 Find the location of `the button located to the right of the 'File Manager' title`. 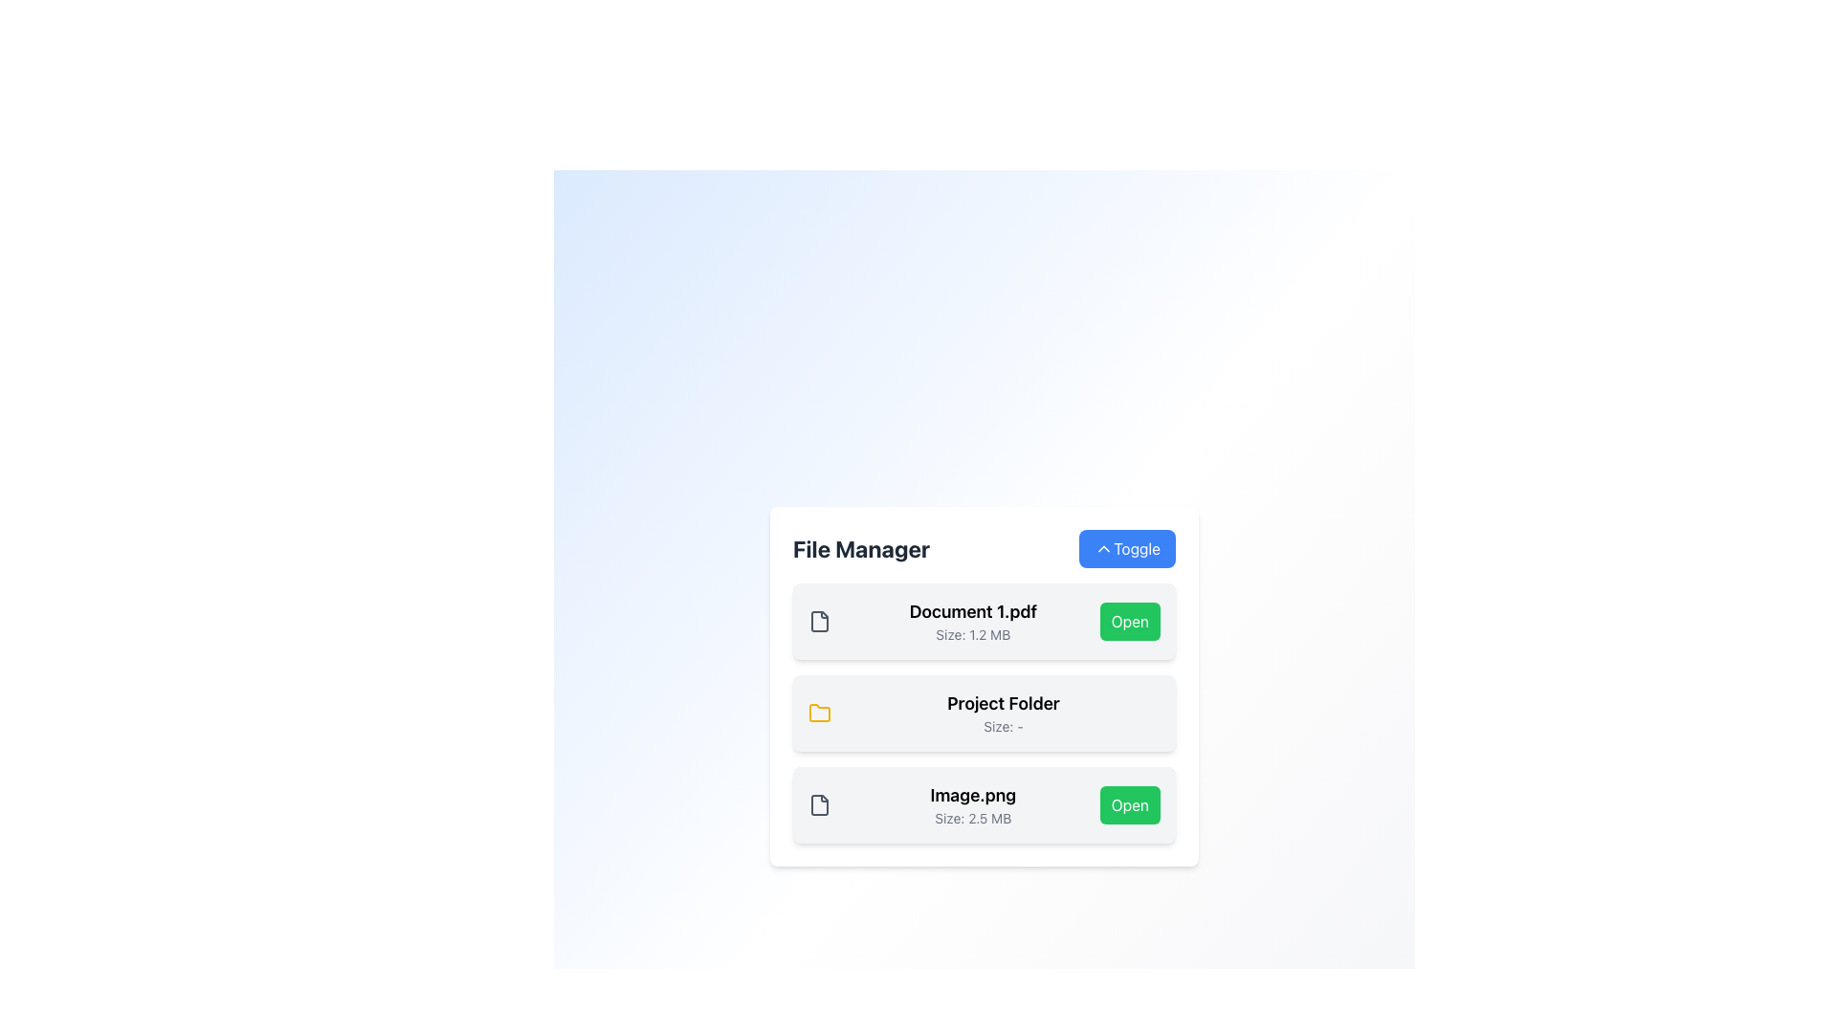

the button located to the right of the 'File Manager' title is located at coordinates (1127, 549).